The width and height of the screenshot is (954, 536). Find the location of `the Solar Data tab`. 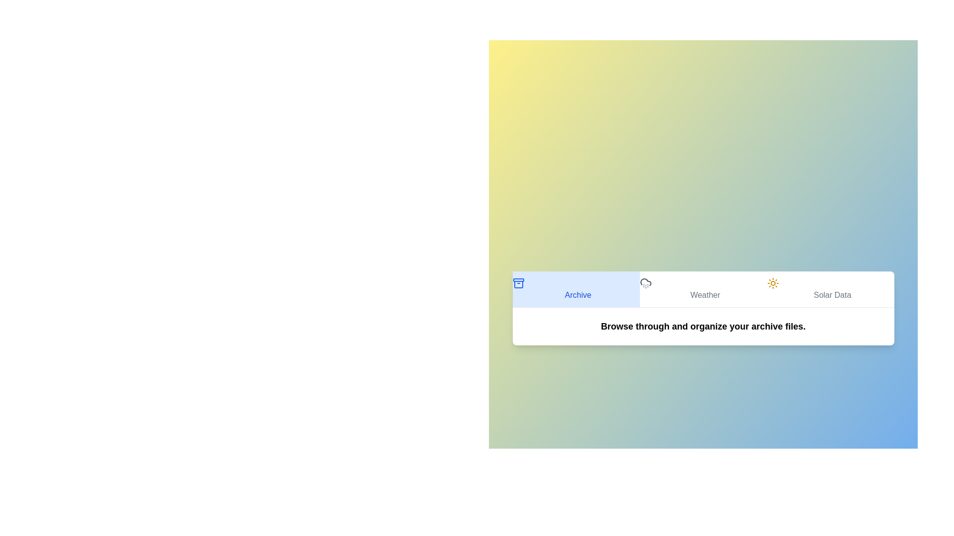

the Solar Data tab is located at coordinates (830, 289).